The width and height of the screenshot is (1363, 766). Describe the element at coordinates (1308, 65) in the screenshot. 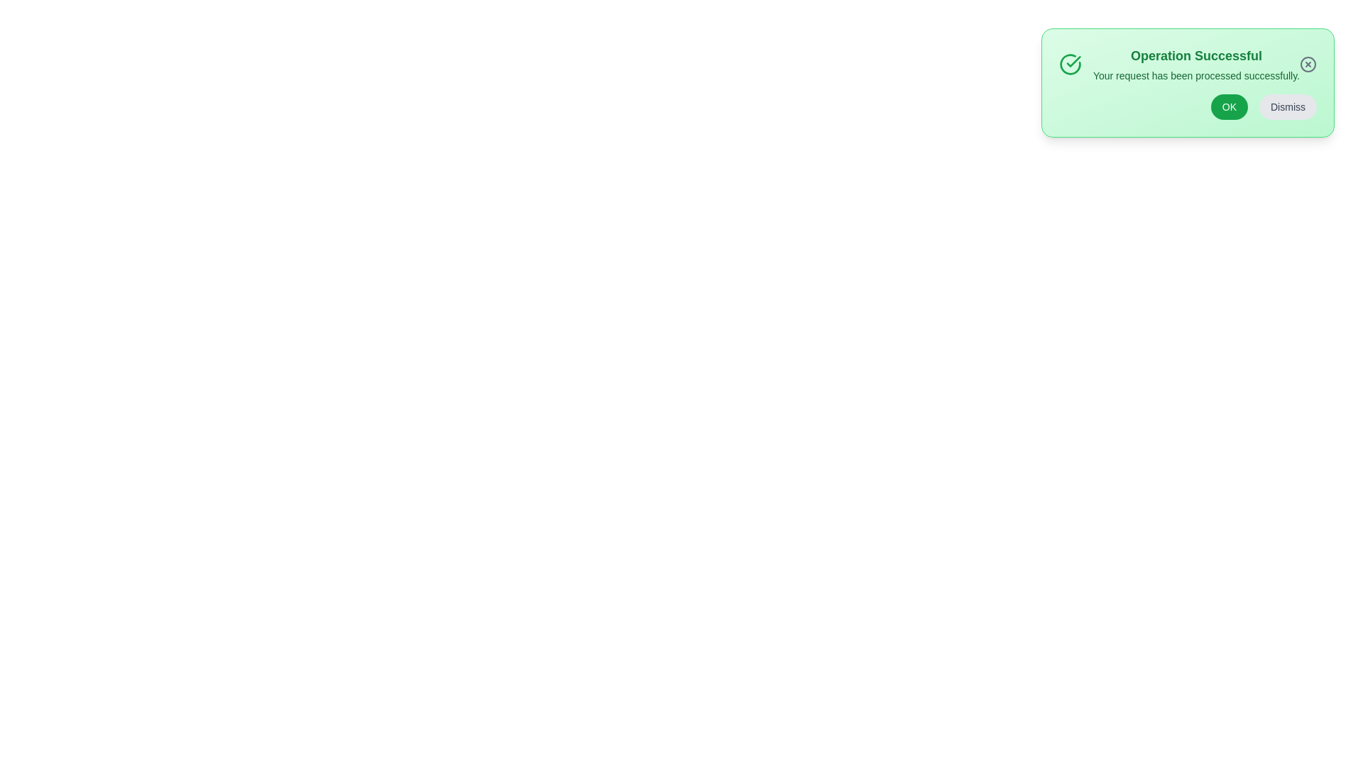

I see `the close button to dismiss the alert` at that location.